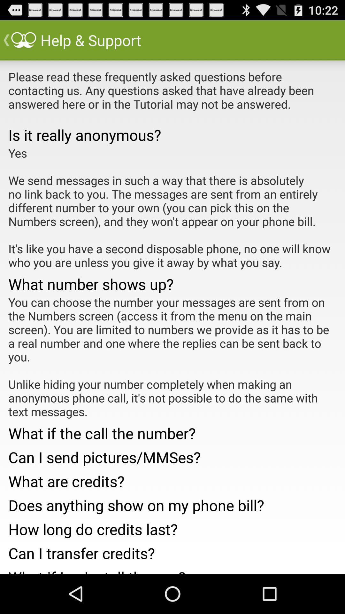  Describe the element at coordinates (172, 527) in the screenshot. I see `the how long do item` at that location.